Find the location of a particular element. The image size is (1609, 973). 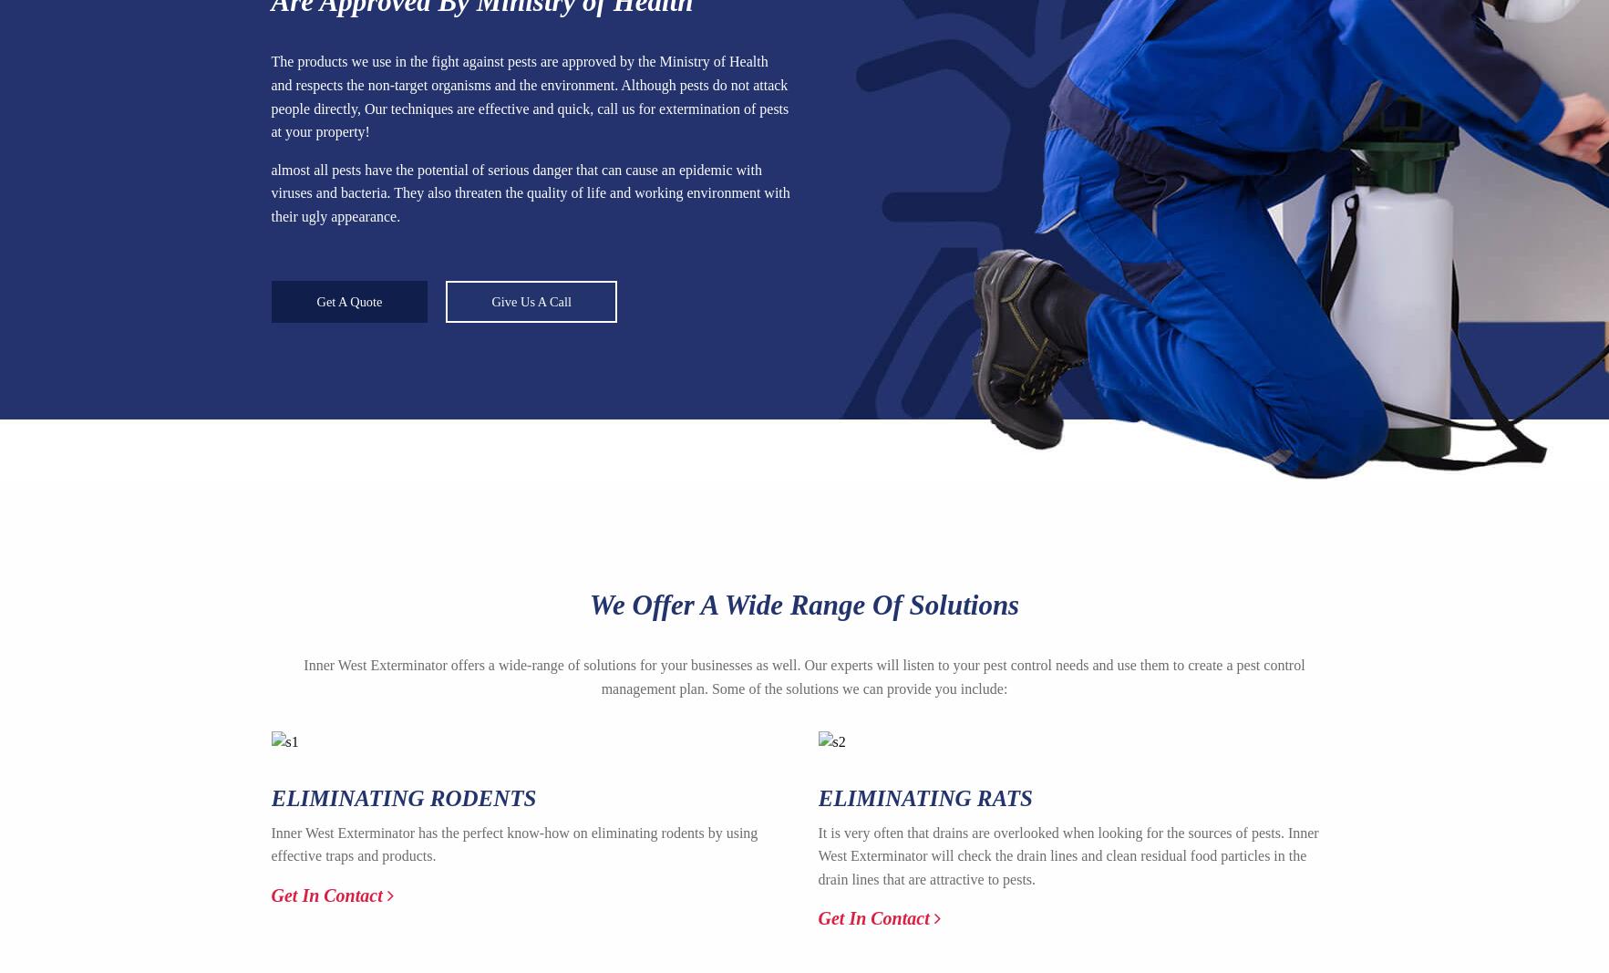

'Get A Quote' is located at coordinates (348, 301).